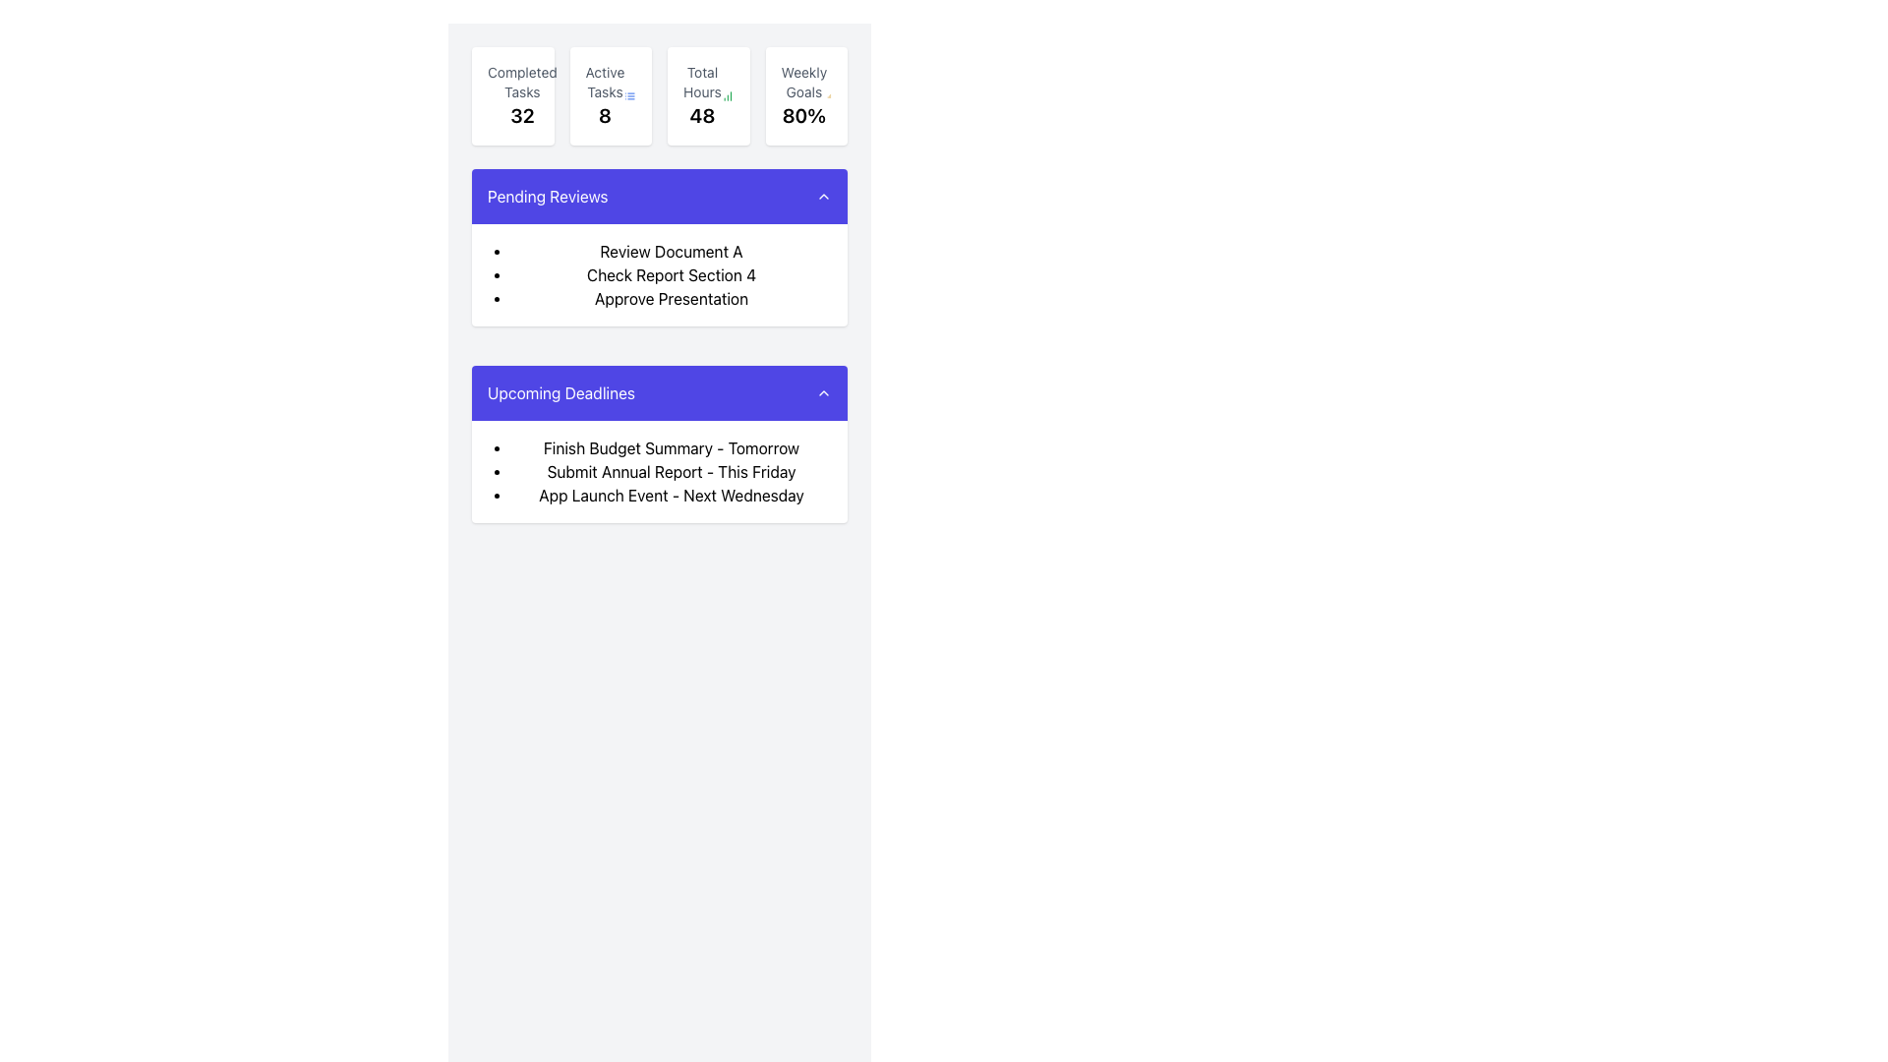  What do you see at coordinates (803, 116) in the screenshot?
I see `the text element that displays the numeric percentage value for weekly goals, located directly below 'Weekly Goals' and to the right of other statistics` at bounding box center [803, 116].